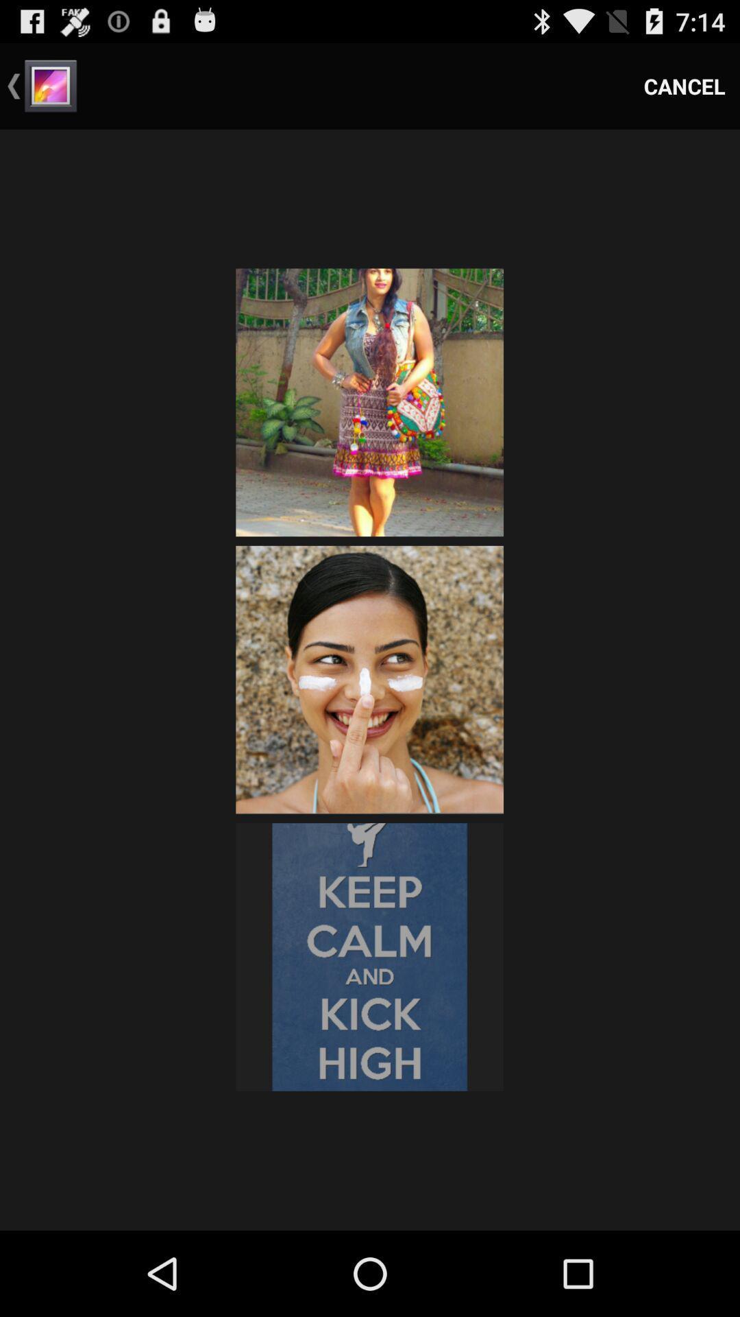 The height and width of the screenshot is (1317, 740). Describe the element at coordinates (684, 85) in the screenshot. I see `the icon at the top right corner` at that location.